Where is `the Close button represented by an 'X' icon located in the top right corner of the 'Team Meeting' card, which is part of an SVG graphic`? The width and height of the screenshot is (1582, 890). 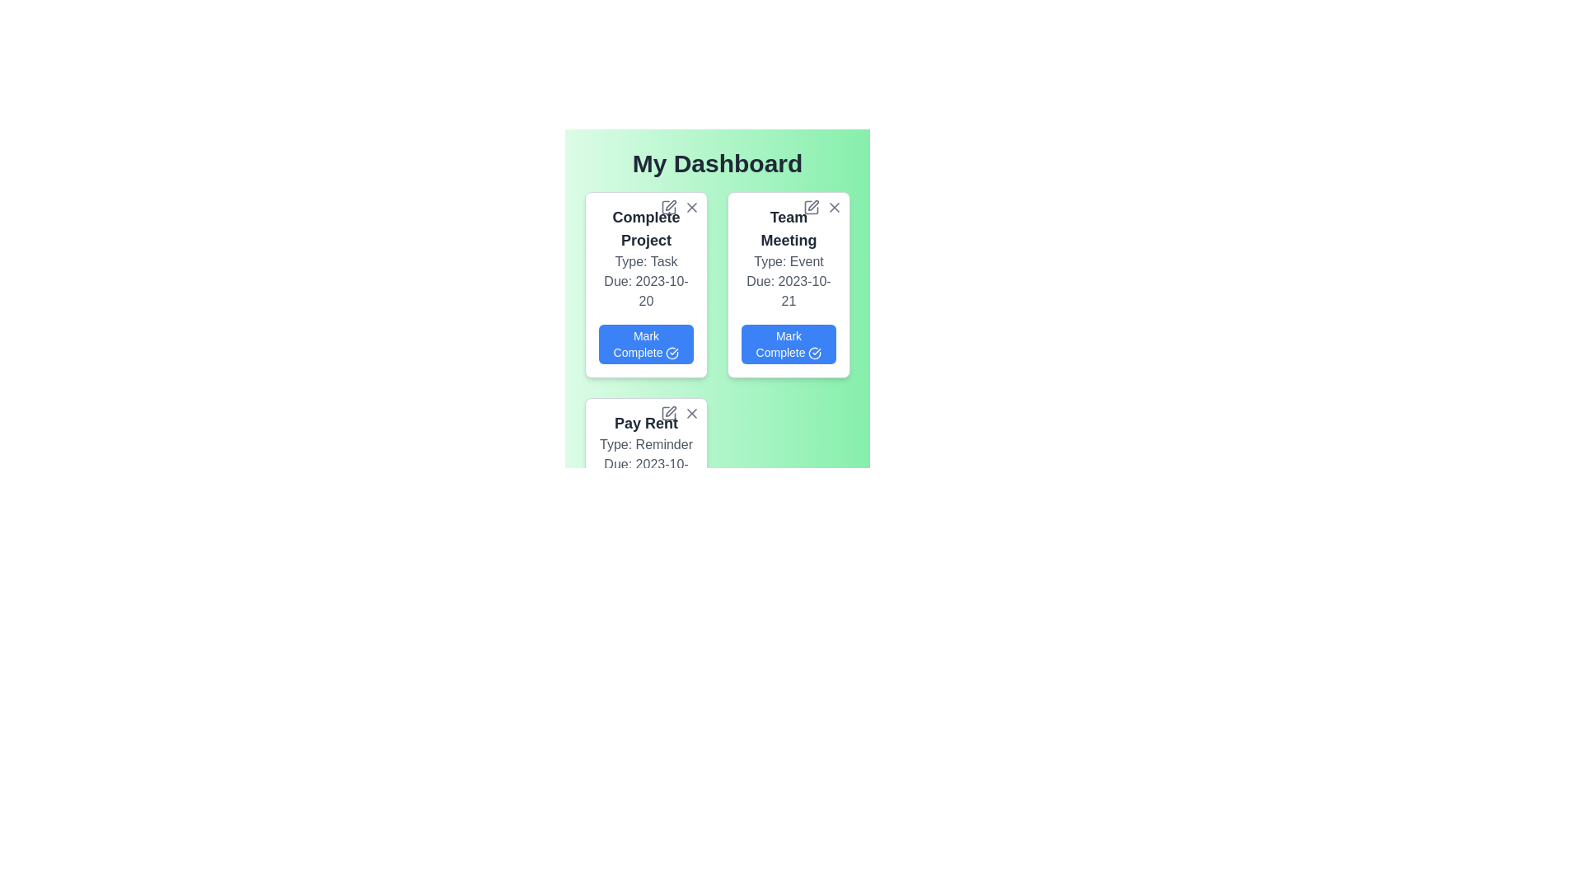
the Close button represented by an 'X' icon located in the top right corner of the 'Team Meeting' card, which is part of an SVG graphic is located at coordinates (834, 206).